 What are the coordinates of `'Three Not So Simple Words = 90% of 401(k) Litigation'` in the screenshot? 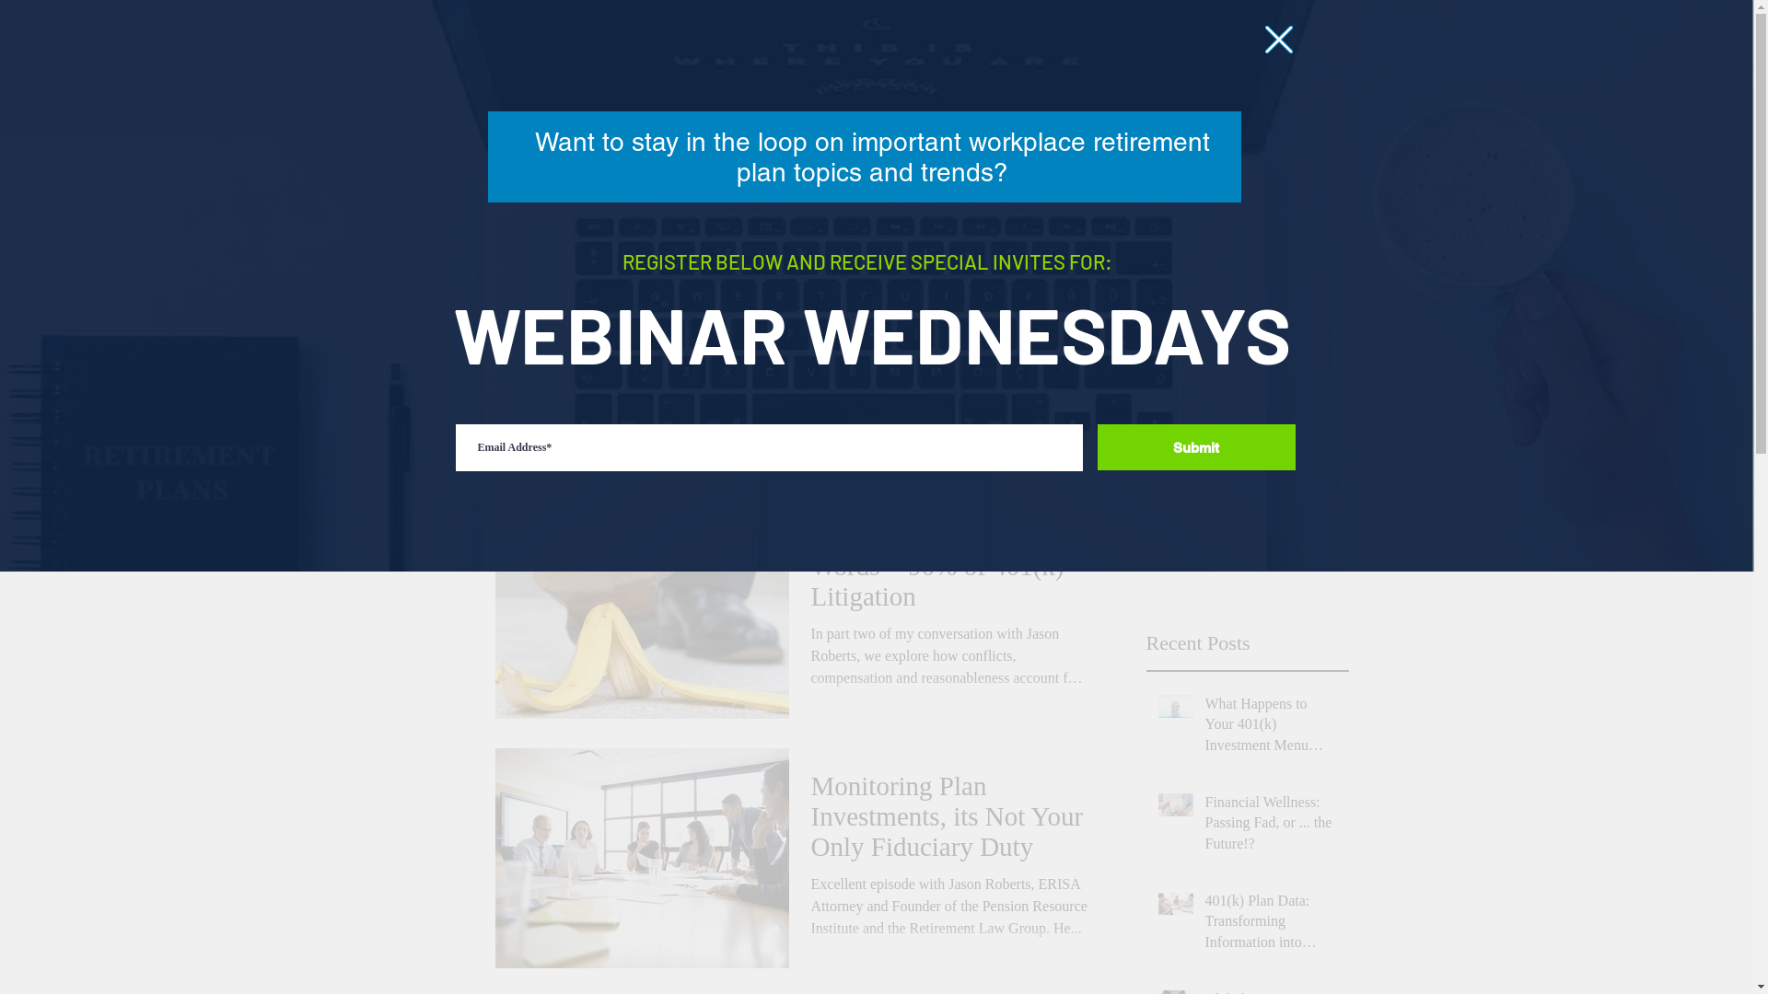 It's located at (949, 571).